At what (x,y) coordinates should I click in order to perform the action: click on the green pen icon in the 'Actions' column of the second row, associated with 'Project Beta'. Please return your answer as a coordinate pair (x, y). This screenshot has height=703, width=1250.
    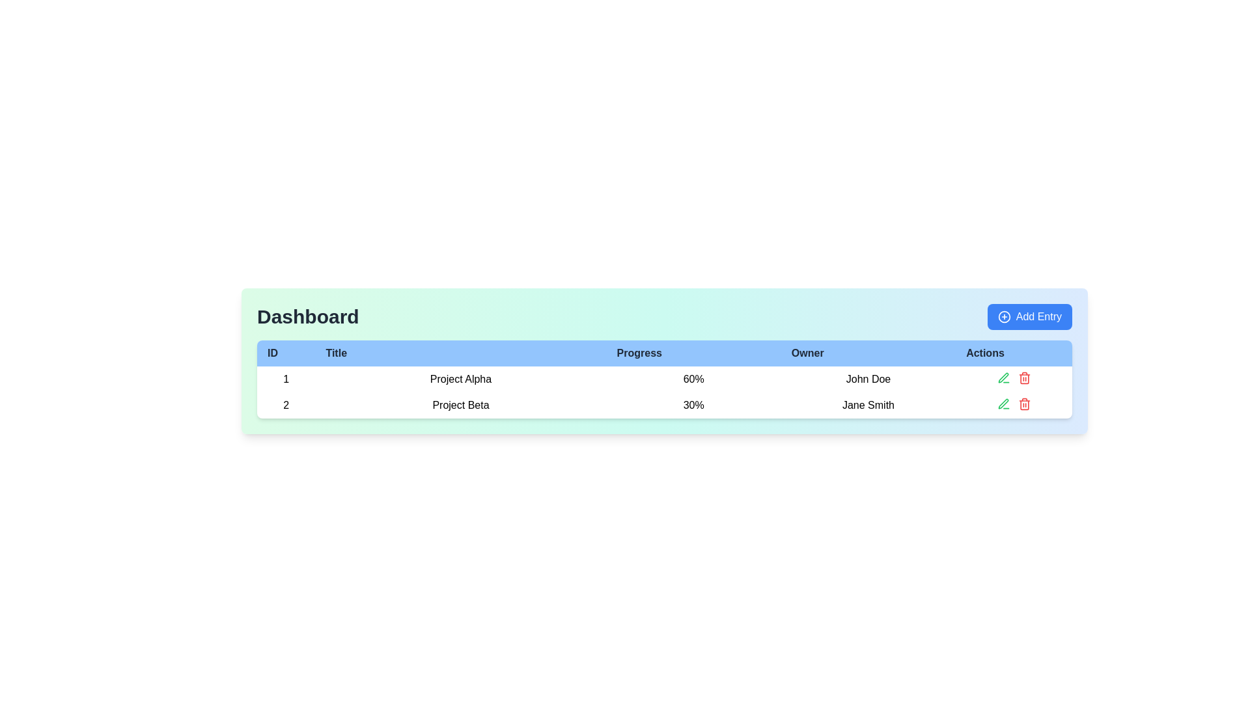
    Looking at the image, I should click on (1003, 378).